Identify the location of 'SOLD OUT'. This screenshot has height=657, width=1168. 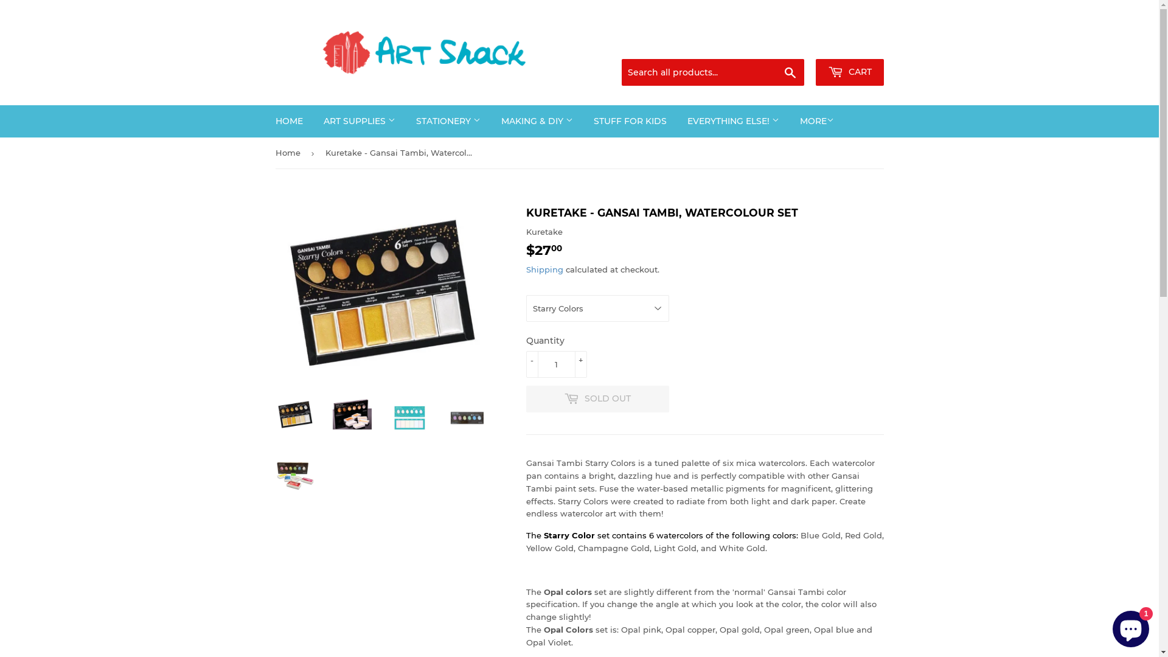
(597, 398).